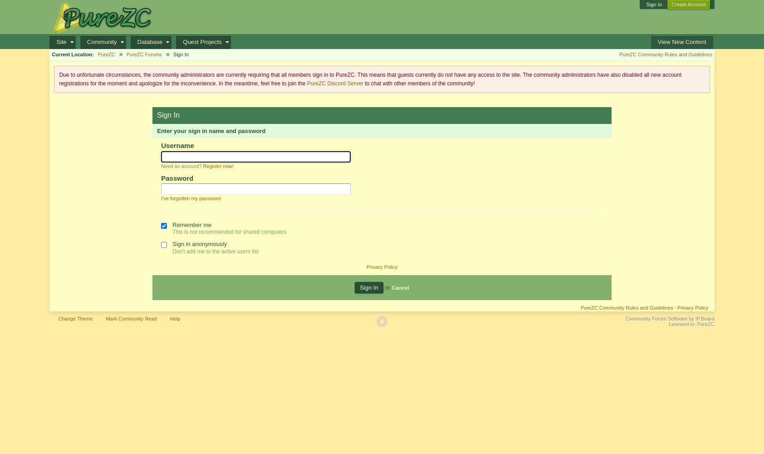 This screenshot has height=454, width=764. What do you see at coordinates (670, 318) in the screenshot?
I see `'Community Forum Software by IP.Board'` at bounding box center [670, 318].